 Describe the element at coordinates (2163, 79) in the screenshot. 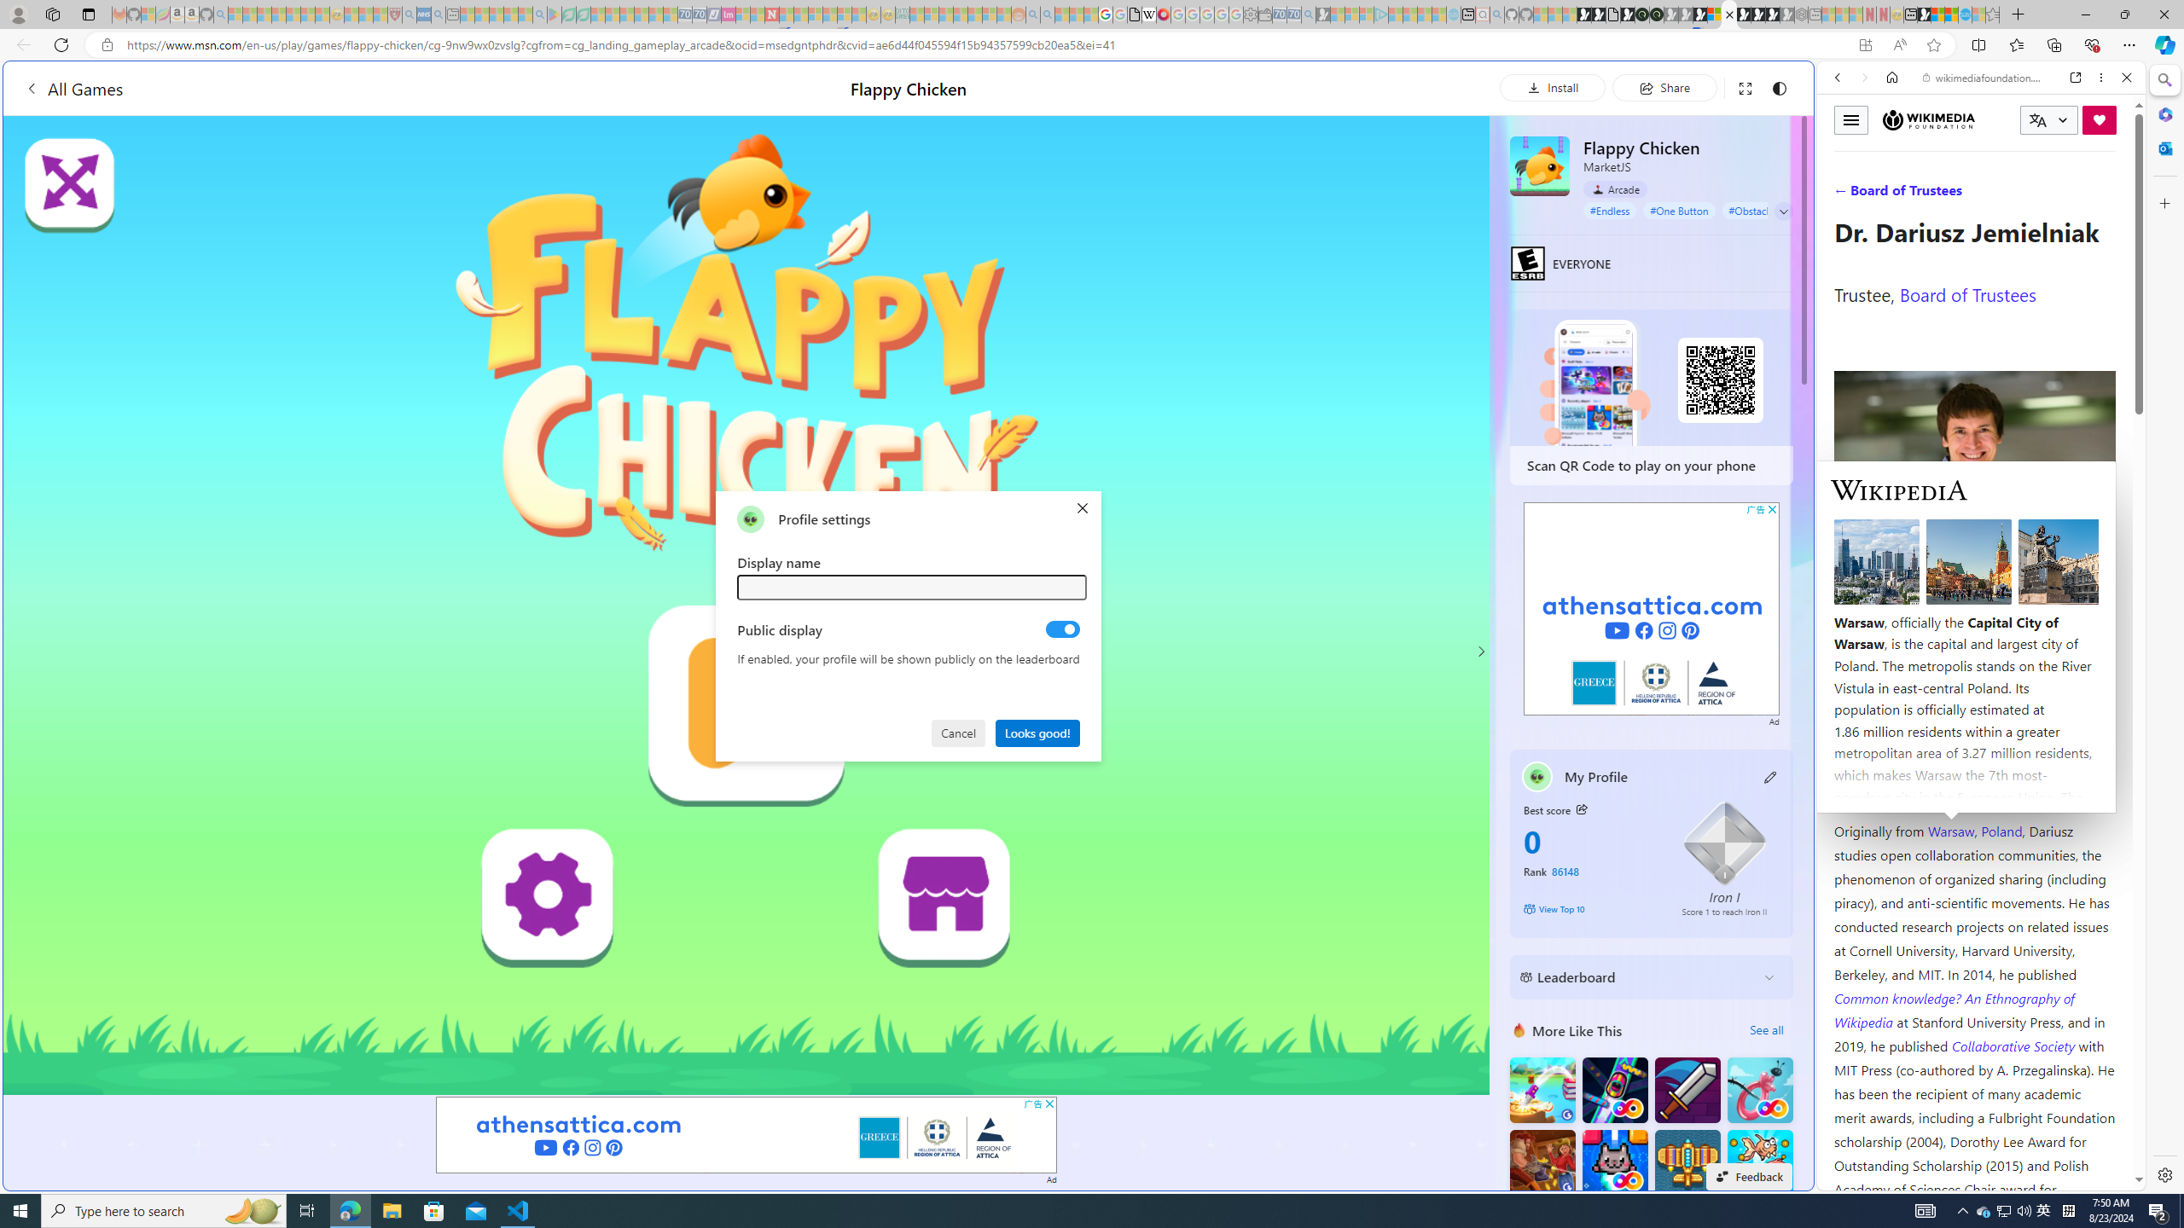

I see `'Search'` at that location.